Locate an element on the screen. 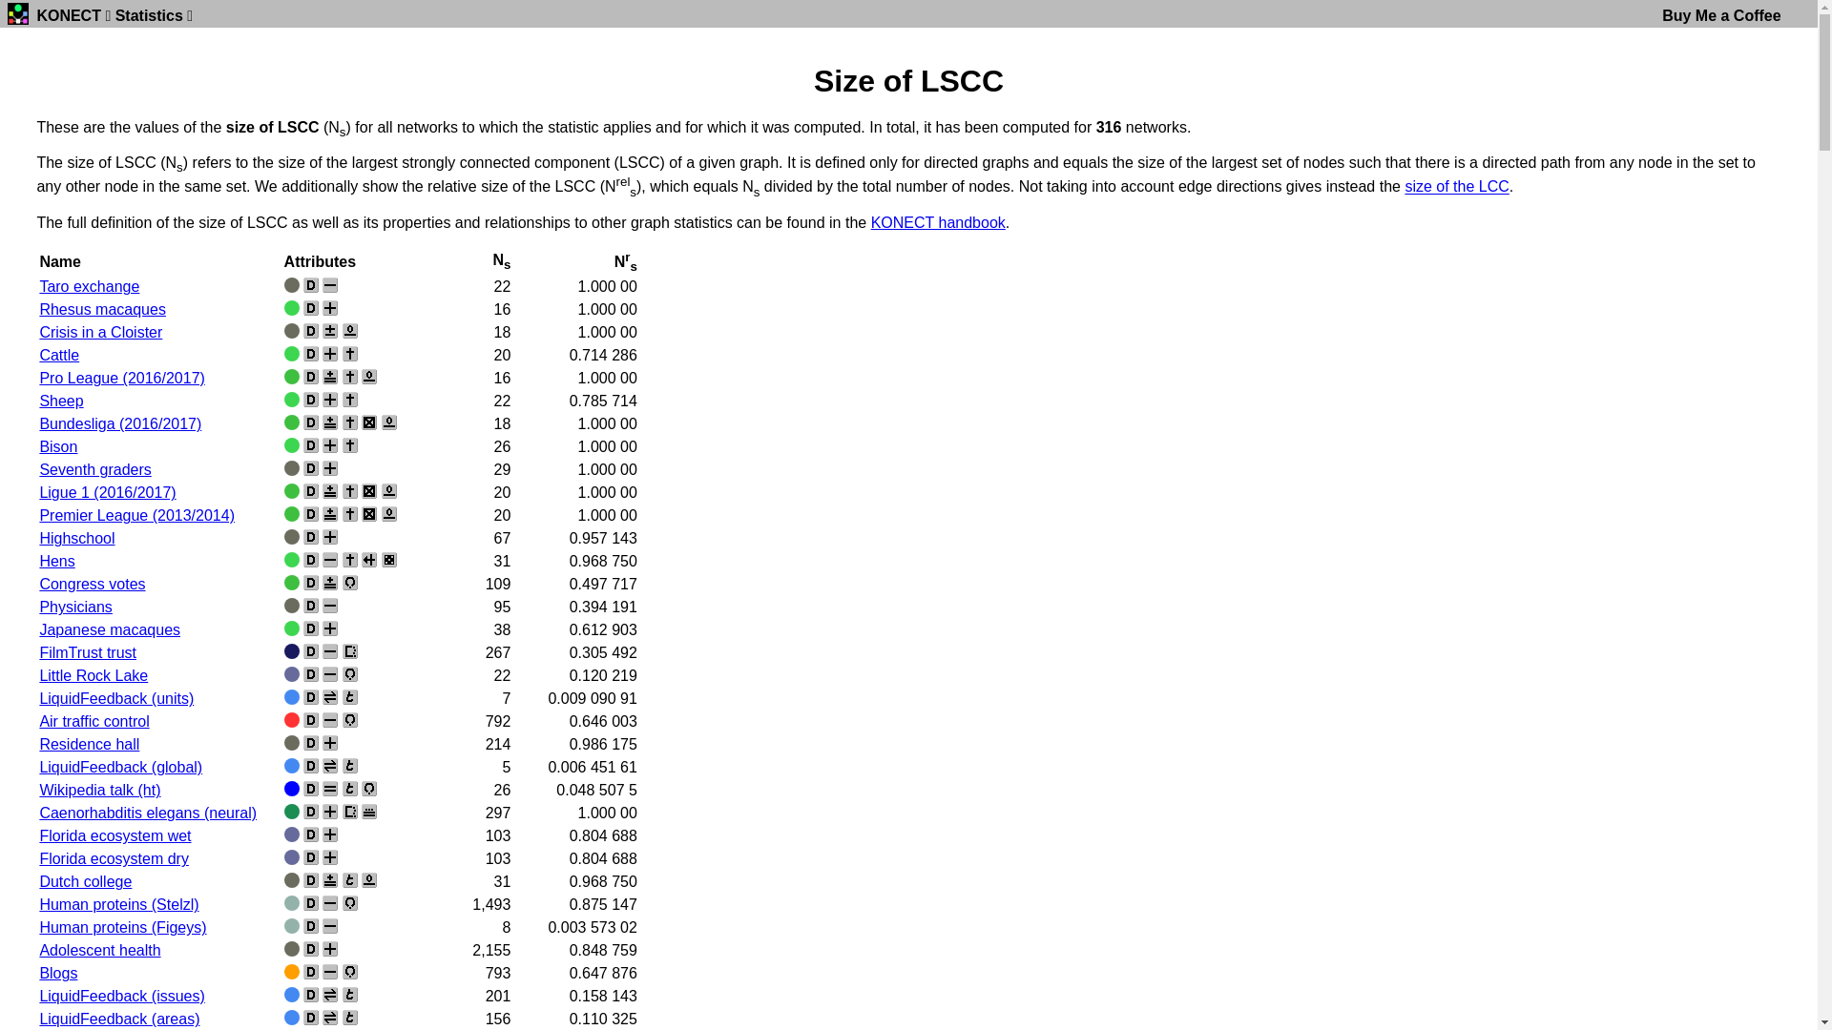 The width and height of the screenshot is (1832, 1030). 'Inverted edges can be interpreted as negated edges' is located at coordinates (349, 353).